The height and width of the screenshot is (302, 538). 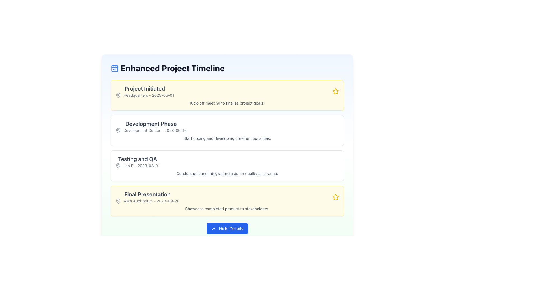 What do you see at coordinates (145, 95) in the screenshot?
I see `the Text and Icon Combination displaying 'Headquarters - 2023-05-01' located in the 'Project Initiated' section, below the title text and preceding a location icon` at bounding box center [145, 95].